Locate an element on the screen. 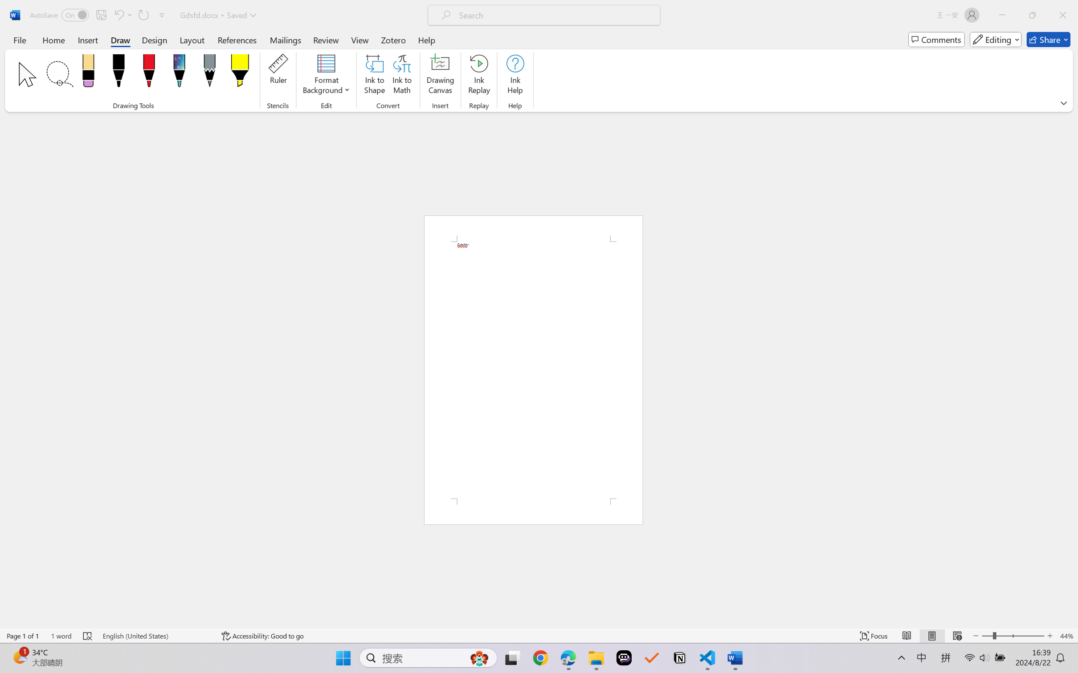  'Undo Apply Quick Style' is located at coordinates (118, 15).